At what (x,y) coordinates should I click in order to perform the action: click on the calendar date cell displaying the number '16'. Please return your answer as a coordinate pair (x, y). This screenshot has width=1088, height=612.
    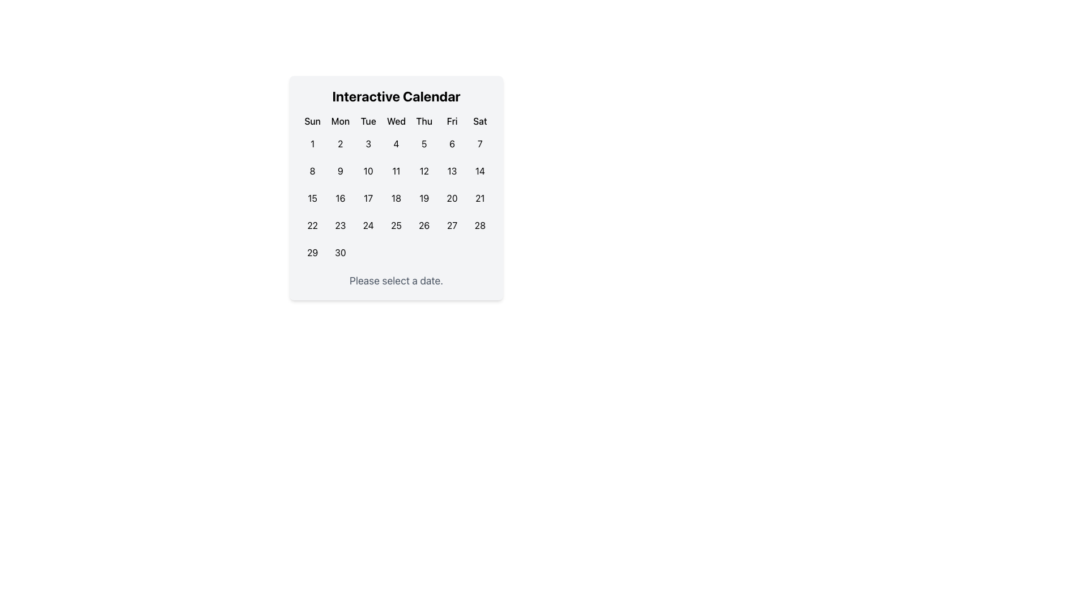
    Looking at the image, I should click on (339, 198).